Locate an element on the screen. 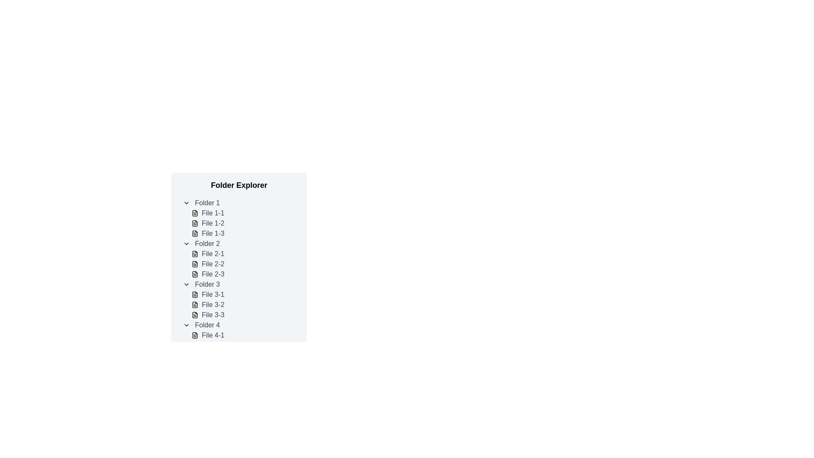 The image size is (814, 458). the text label displaying 'File 3-2' in light gray font, which is positioned under the 'Folder 3' section in the file hierarchy is located at coordinates (213, 304).